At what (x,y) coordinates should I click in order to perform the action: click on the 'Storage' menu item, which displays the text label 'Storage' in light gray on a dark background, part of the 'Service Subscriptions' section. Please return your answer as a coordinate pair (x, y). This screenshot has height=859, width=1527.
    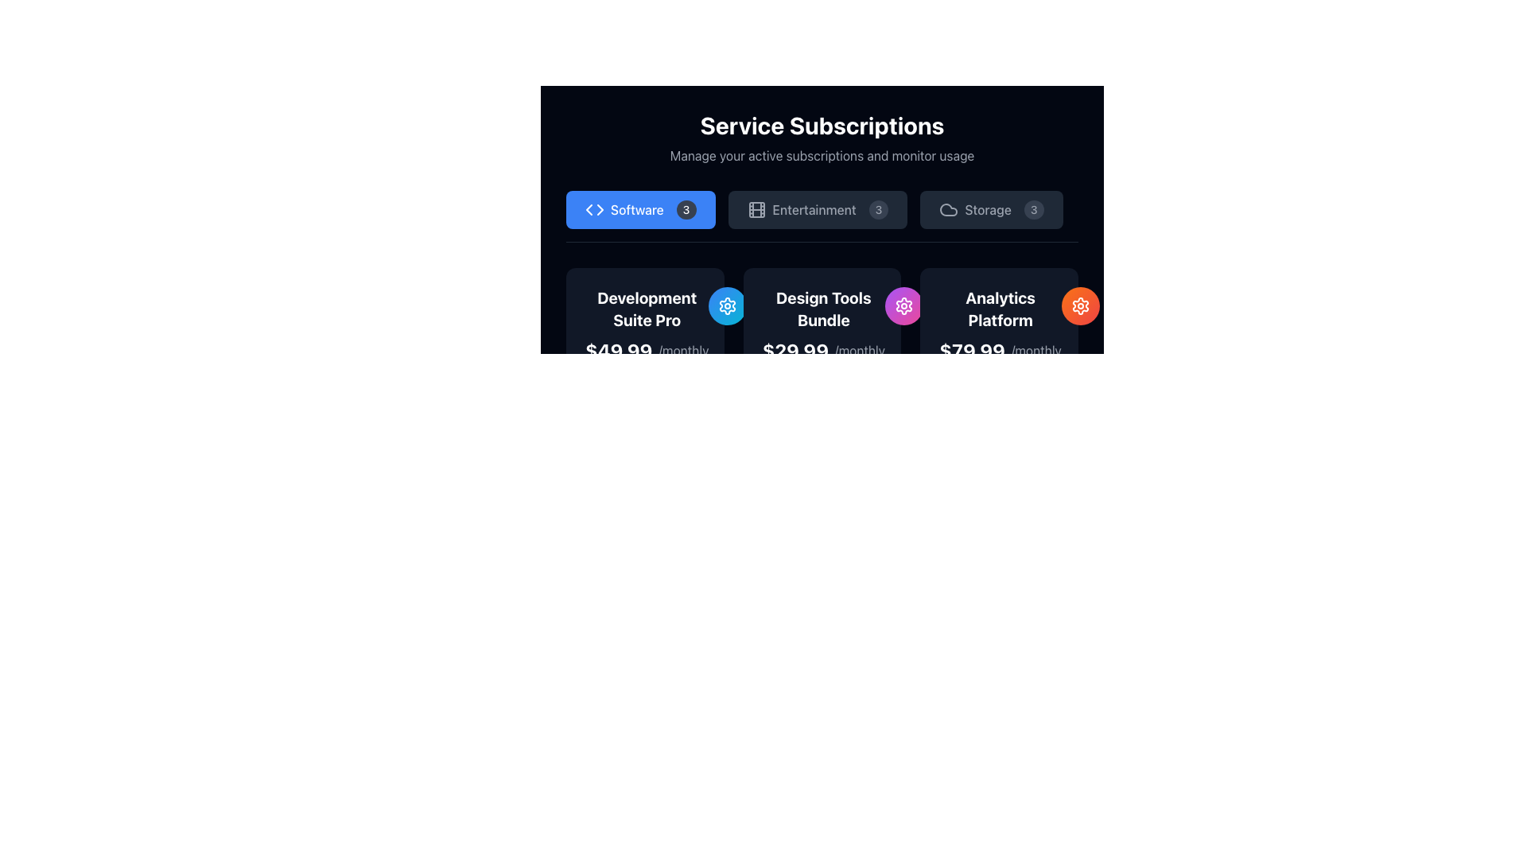
    Looking at the image, I should click on (987, 208).